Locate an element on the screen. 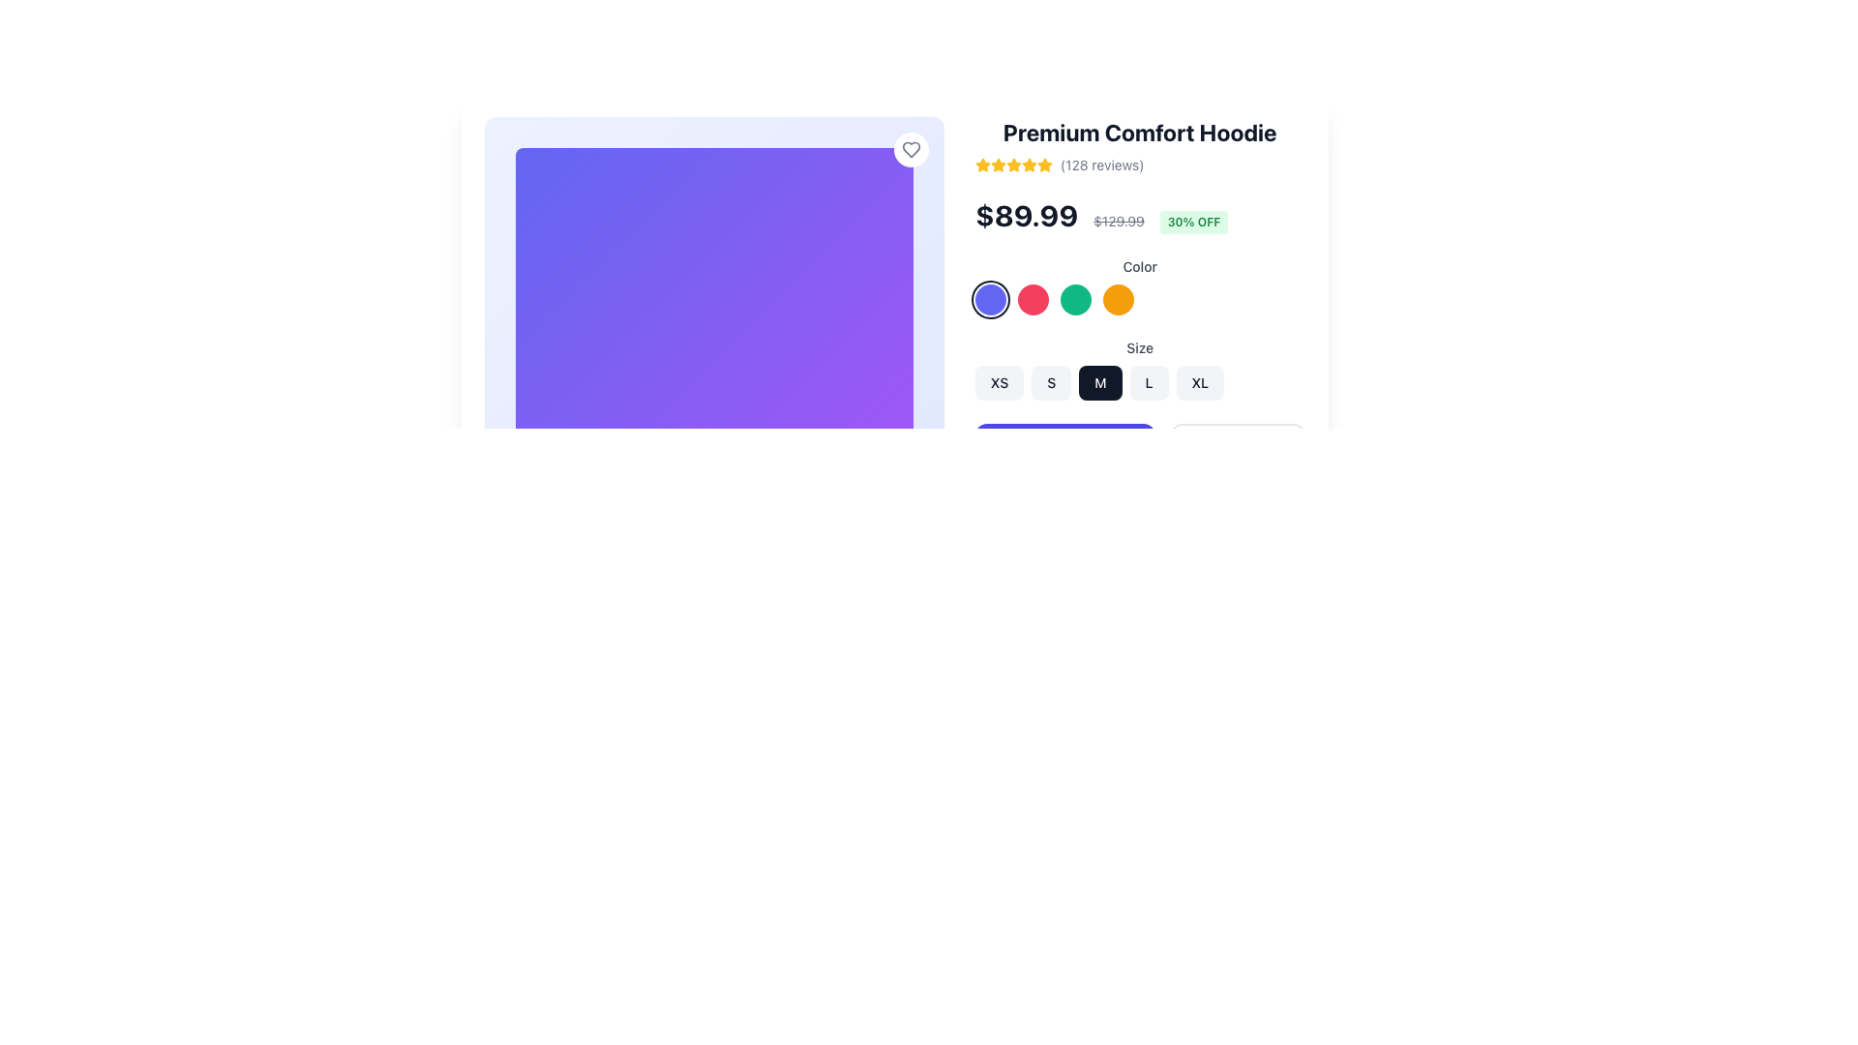 The height and width of the screenshot is (1045, 1858). the prominent text 'Premium Comfort Hoodie', which is styled in a bold and large font, located at the top section of the right panel above the stars and review count is located at coordinates (1140, 132).